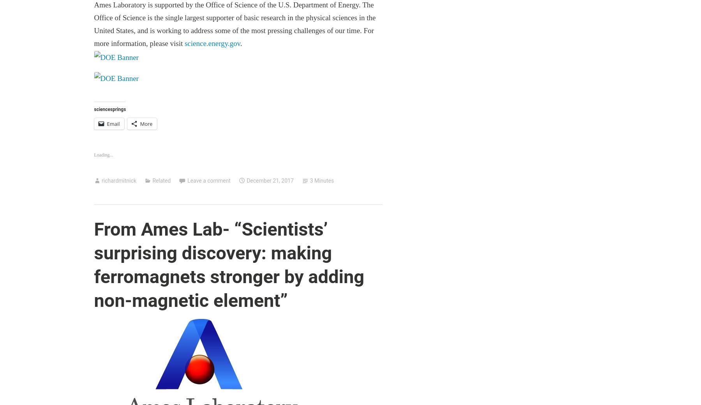 This screenshot has width=701, height=405. I want to click on 'science.energy.gov', so click(212, 43).